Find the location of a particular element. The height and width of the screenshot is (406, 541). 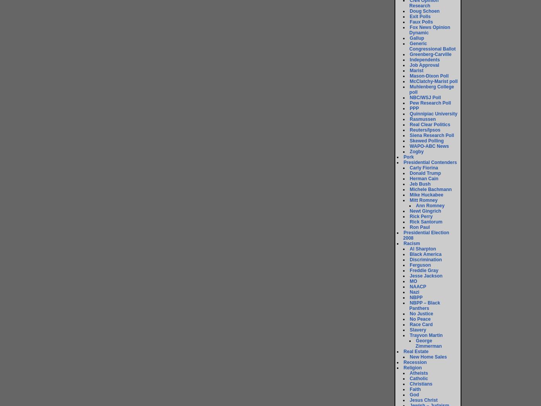

'NBPP – Black Panthers' is located at coordinates (424, 306).